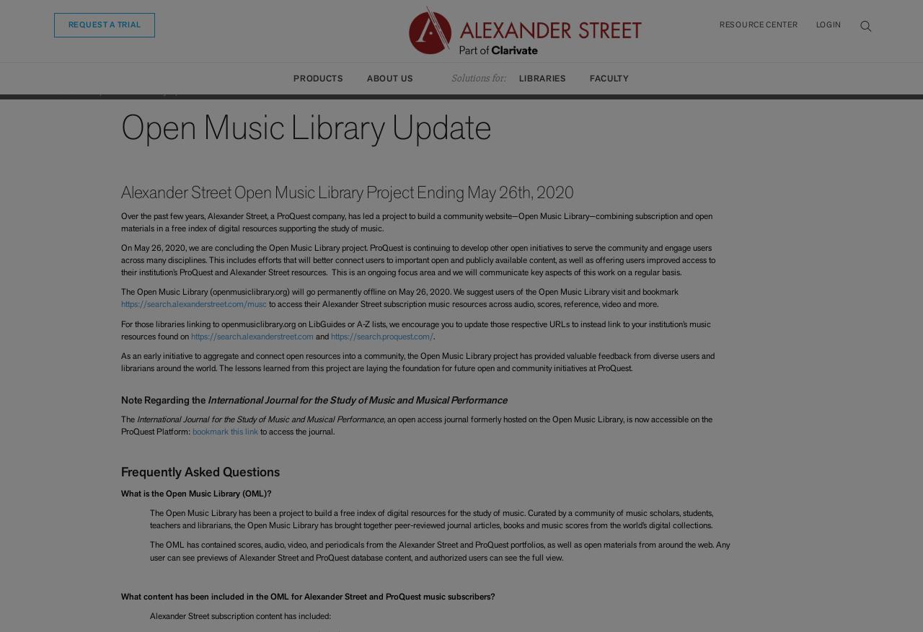 This screenshot has width=923, height=632. Describe the element at coordinates (416, 259) in the screenshot. I see `'On May 26, 2020, we are concluding the Open Music Library project. ProQuest is continuing to develop other open initiatives to serve the community and engage users across many disciplines. This includes efforts that will better connect users to important open and publicly available content, as well as offering users improved access to their institution’s ProQuest and Alexander Street resources.  This is an ongoing focus area and we will communicate key aspects of this work on a regular basis.'` at that location.